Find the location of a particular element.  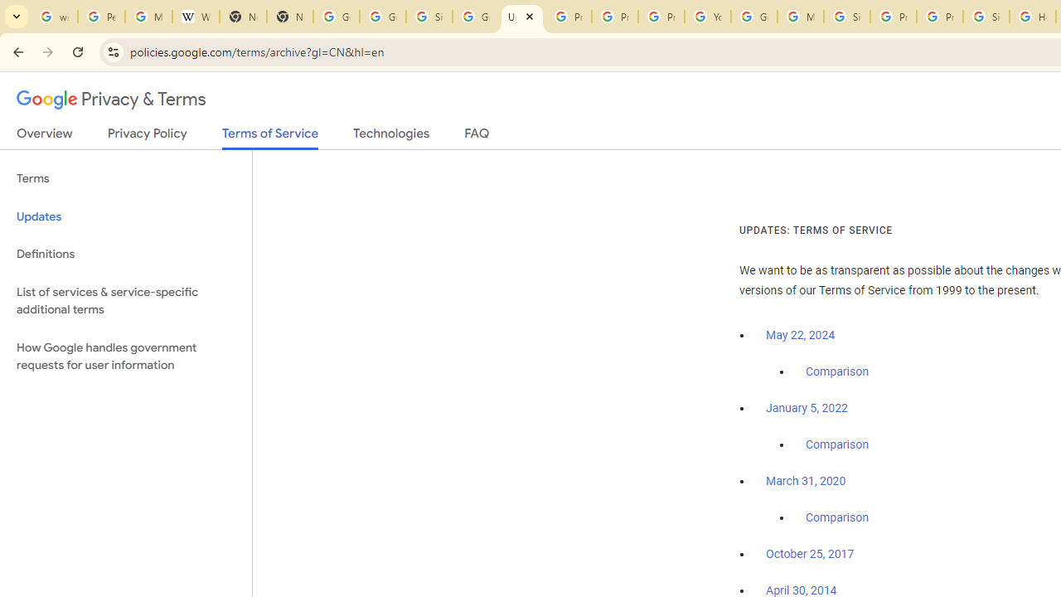

'Comparison' is located at coordinates (836, 517).